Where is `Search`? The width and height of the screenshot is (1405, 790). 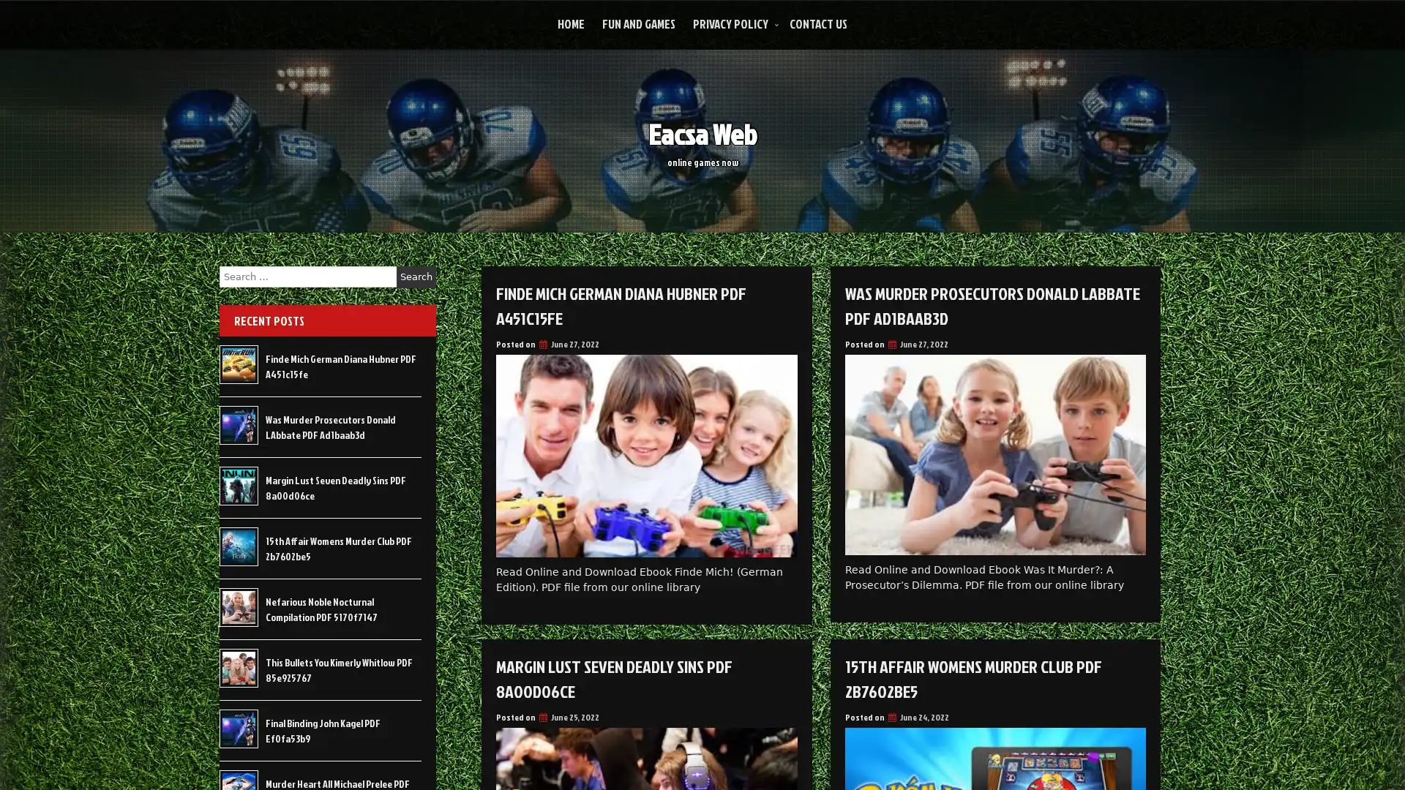 Search is located at coordinates (416, 276).